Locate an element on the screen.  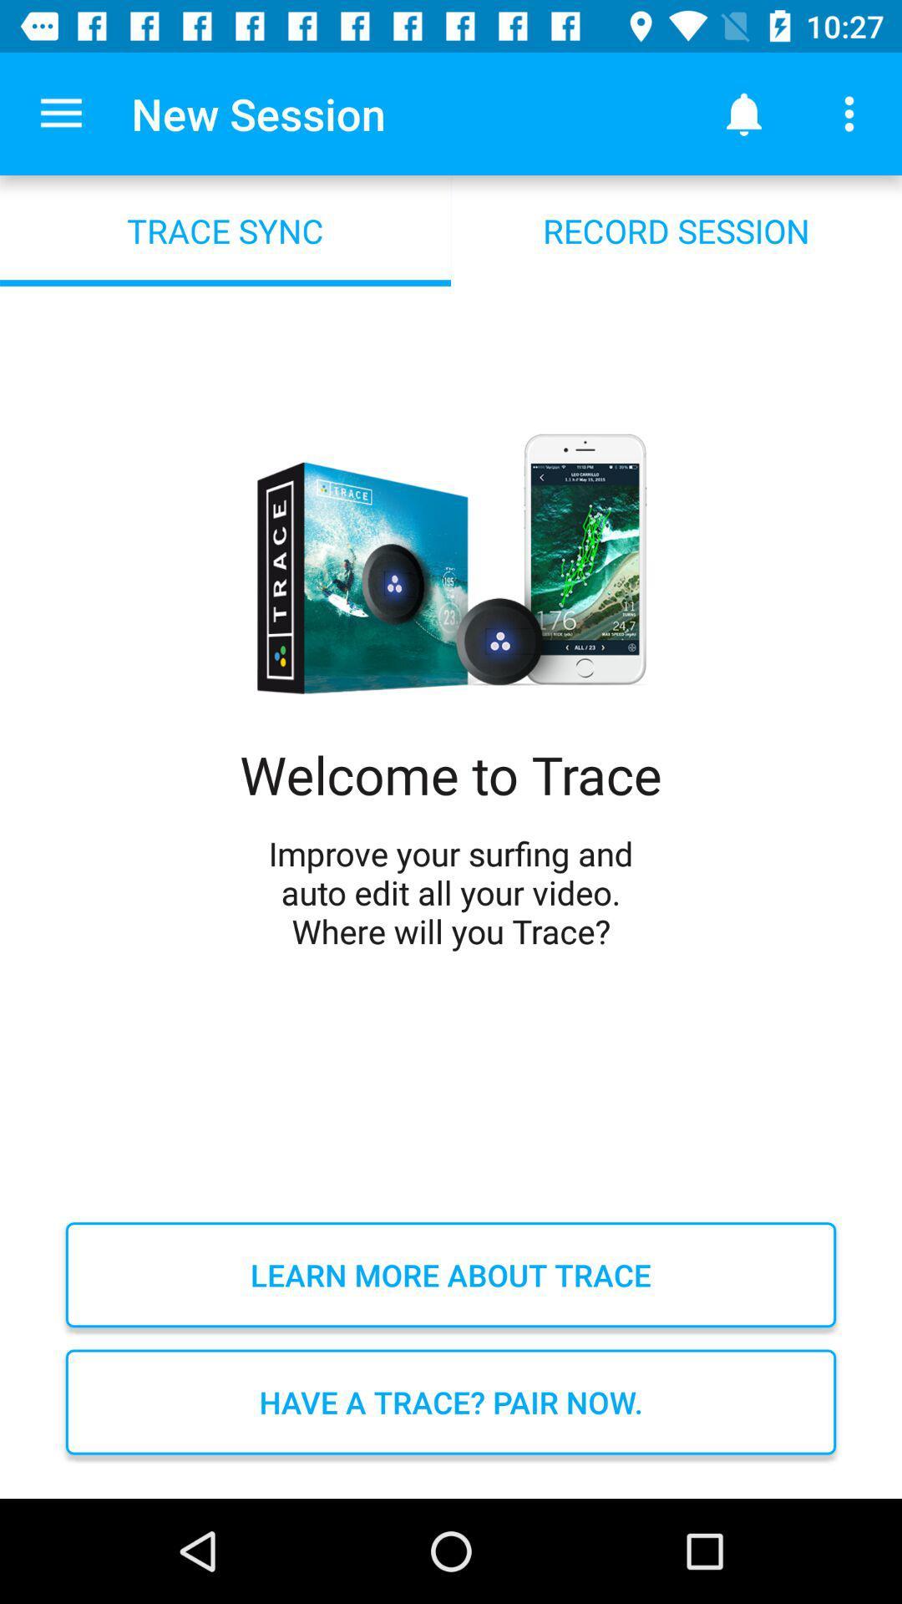
icon above have a trace item is located at coordinates (451, 1274).